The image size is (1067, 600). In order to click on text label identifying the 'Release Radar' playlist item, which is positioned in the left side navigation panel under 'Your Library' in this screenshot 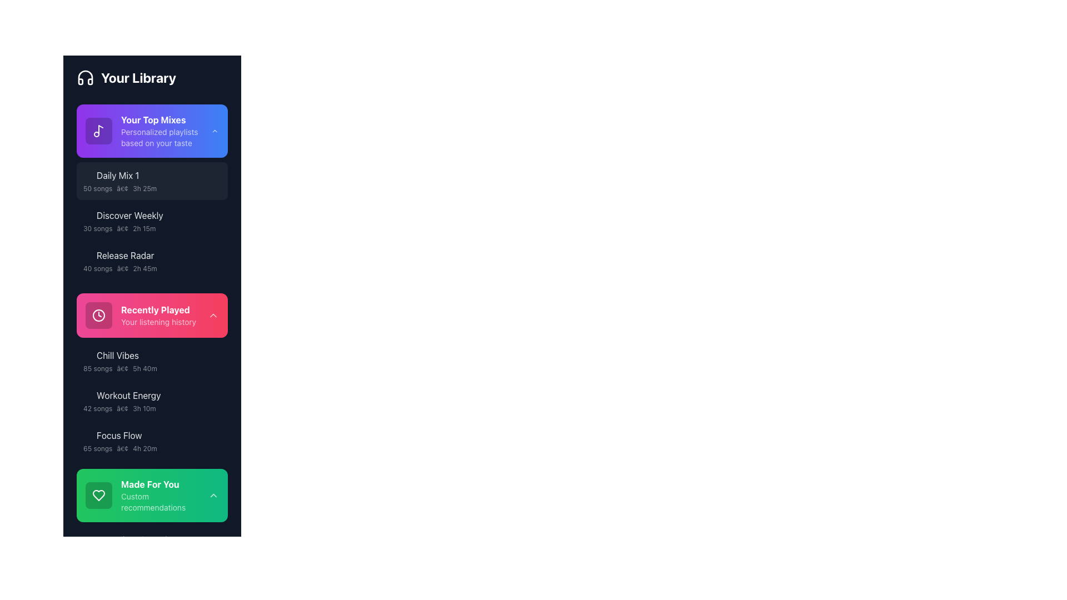, I will do `click(125, 255)`.